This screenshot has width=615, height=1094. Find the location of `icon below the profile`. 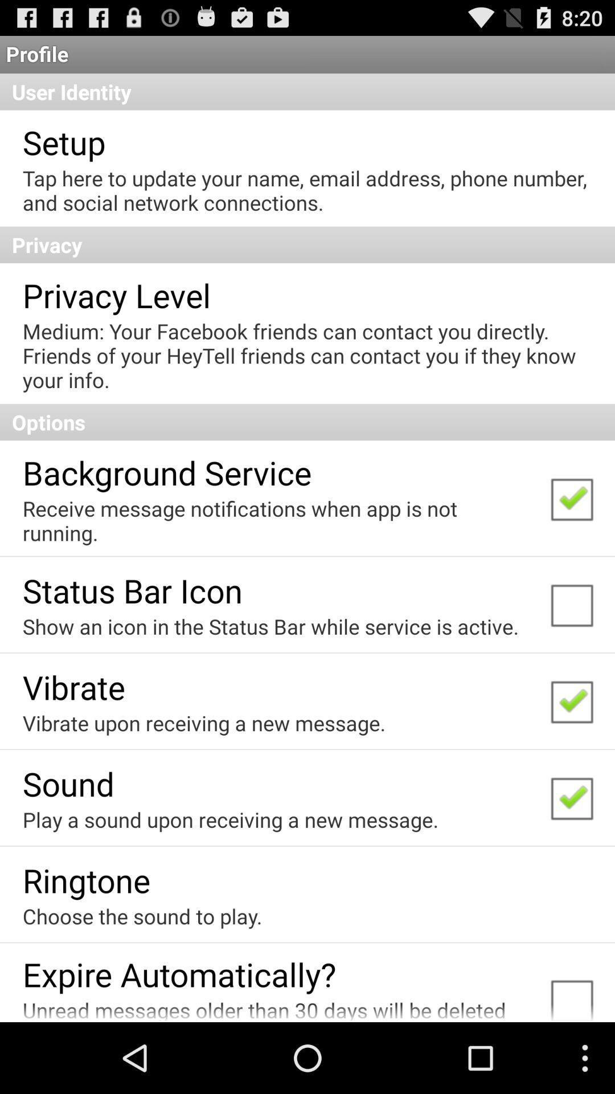

icon below the profile is located at coordinates (307, 92).